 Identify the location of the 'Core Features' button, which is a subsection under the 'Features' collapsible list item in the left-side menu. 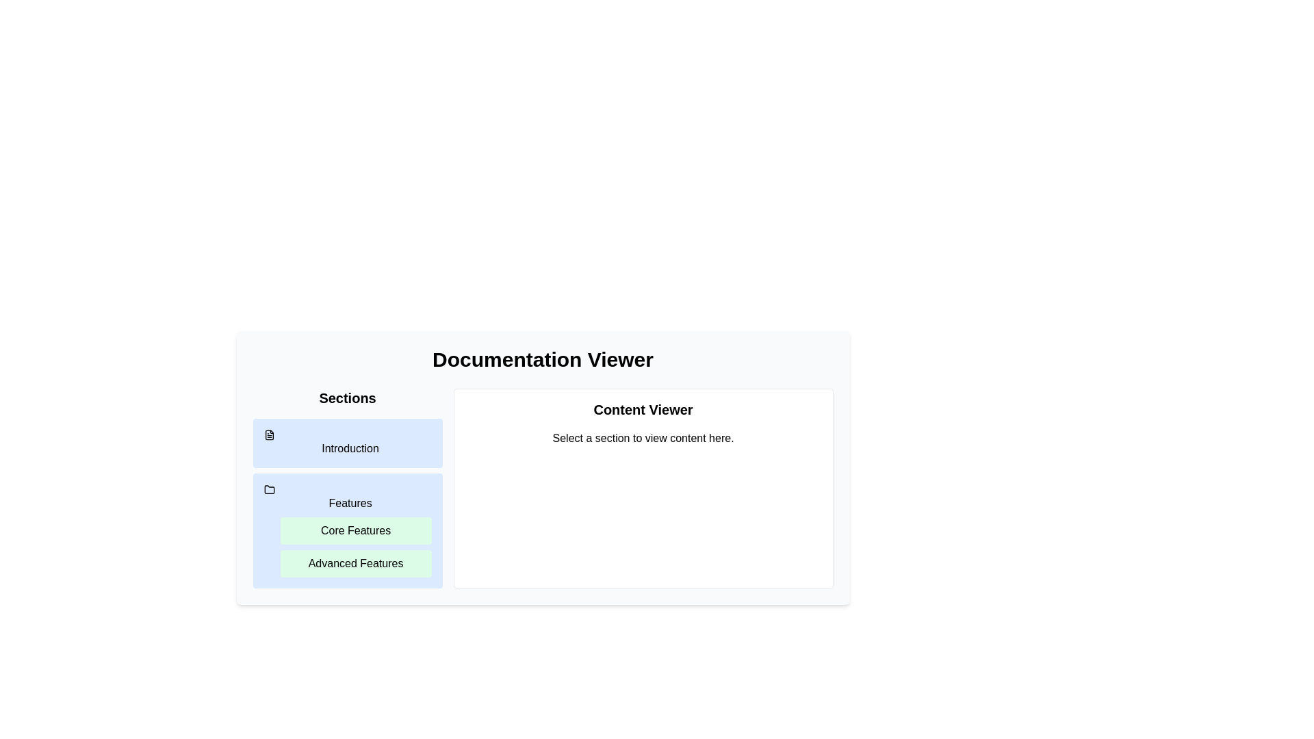
(348, 530).